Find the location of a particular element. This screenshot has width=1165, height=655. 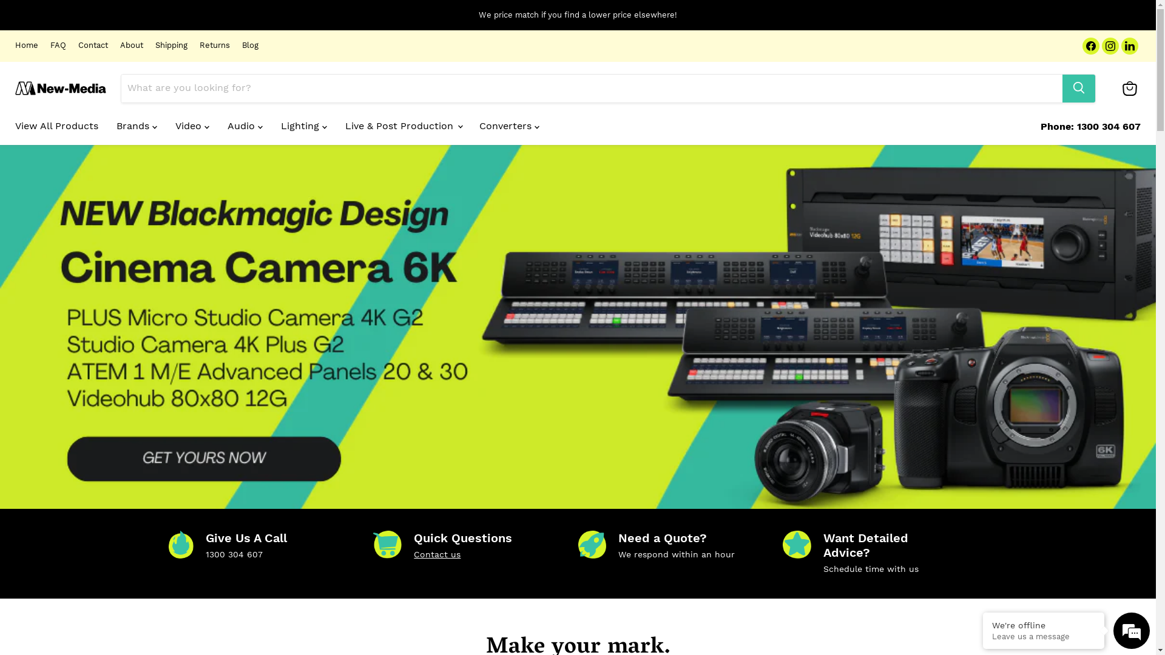

'Returns' is located at coordinates (215, 45).